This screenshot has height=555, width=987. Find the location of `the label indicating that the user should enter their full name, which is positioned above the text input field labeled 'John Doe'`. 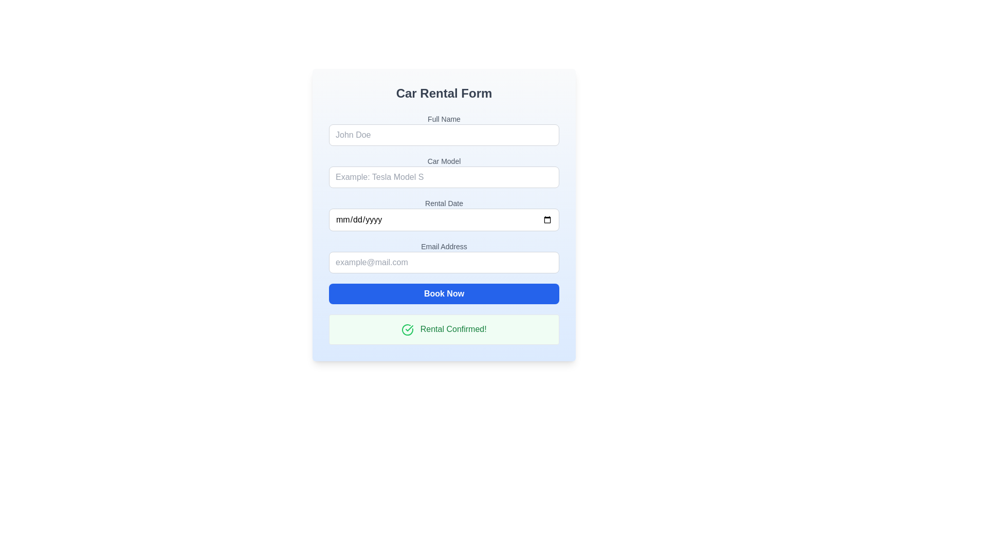

the label indicating that the user should enter their full name, which is positioned above the text input field labeled 'John Doe' is located at coordinates (444, 118).